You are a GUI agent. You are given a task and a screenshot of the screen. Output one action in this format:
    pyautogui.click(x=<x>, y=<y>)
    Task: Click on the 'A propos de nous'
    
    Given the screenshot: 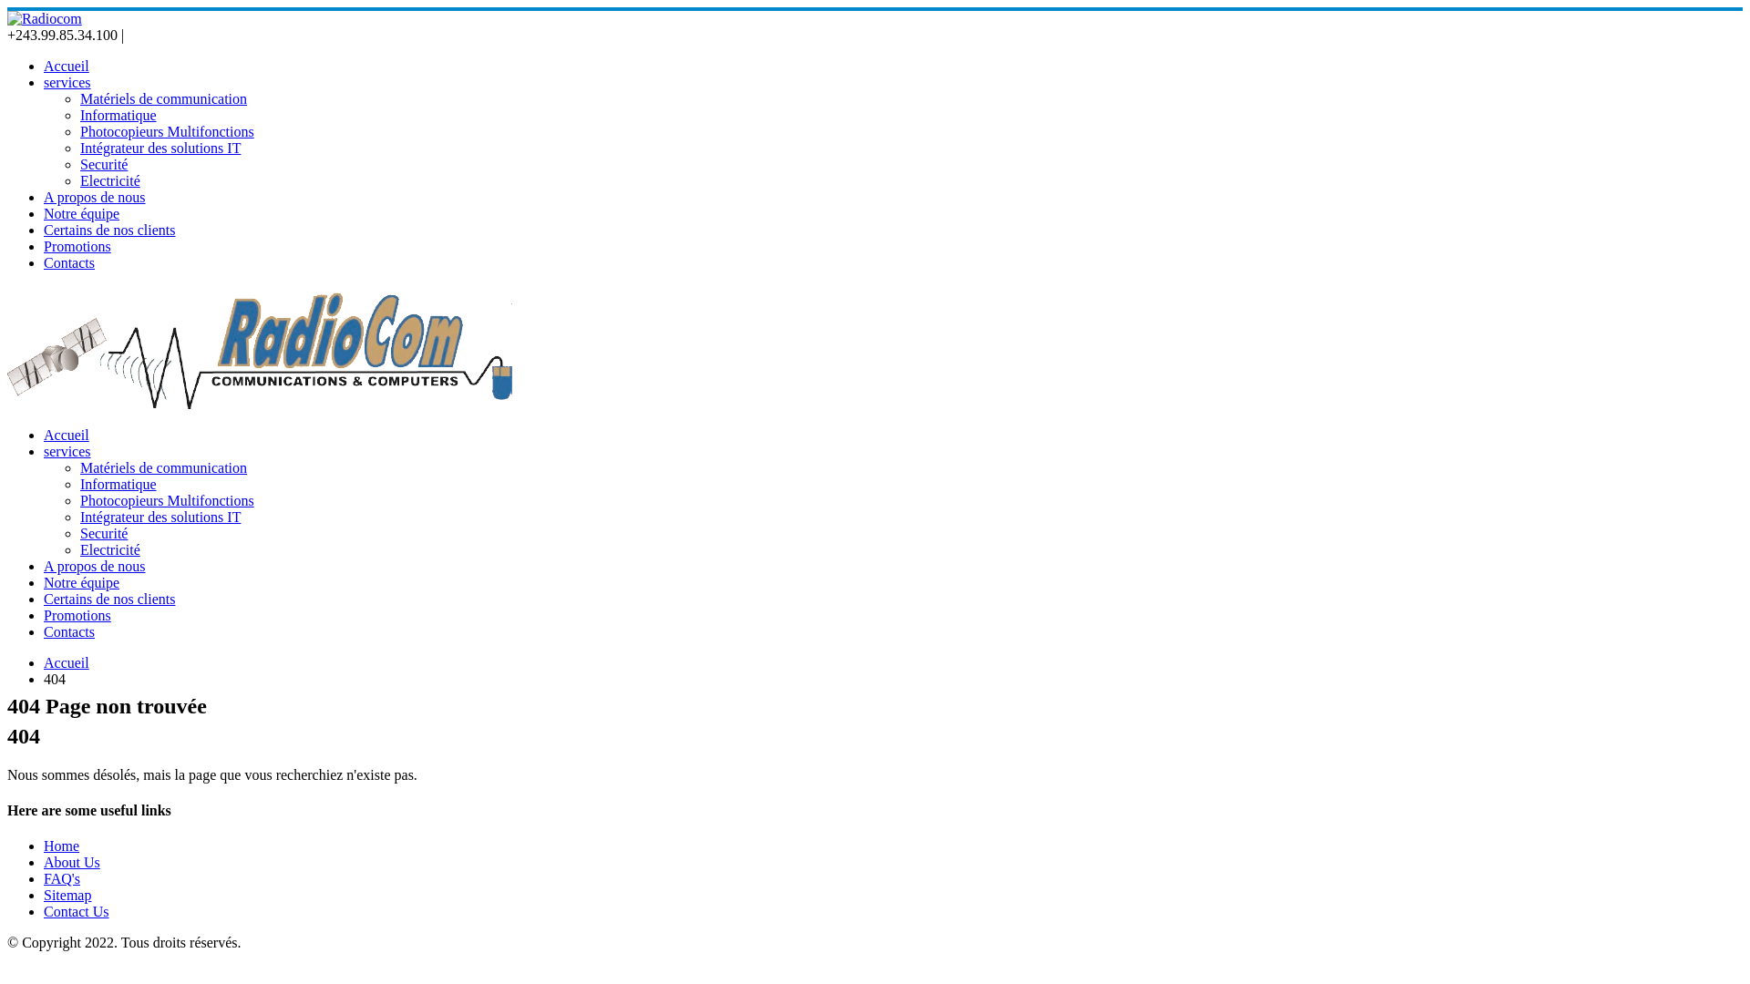 What is the action you would take?
    pyautogui.click(x=94, y=197)
    